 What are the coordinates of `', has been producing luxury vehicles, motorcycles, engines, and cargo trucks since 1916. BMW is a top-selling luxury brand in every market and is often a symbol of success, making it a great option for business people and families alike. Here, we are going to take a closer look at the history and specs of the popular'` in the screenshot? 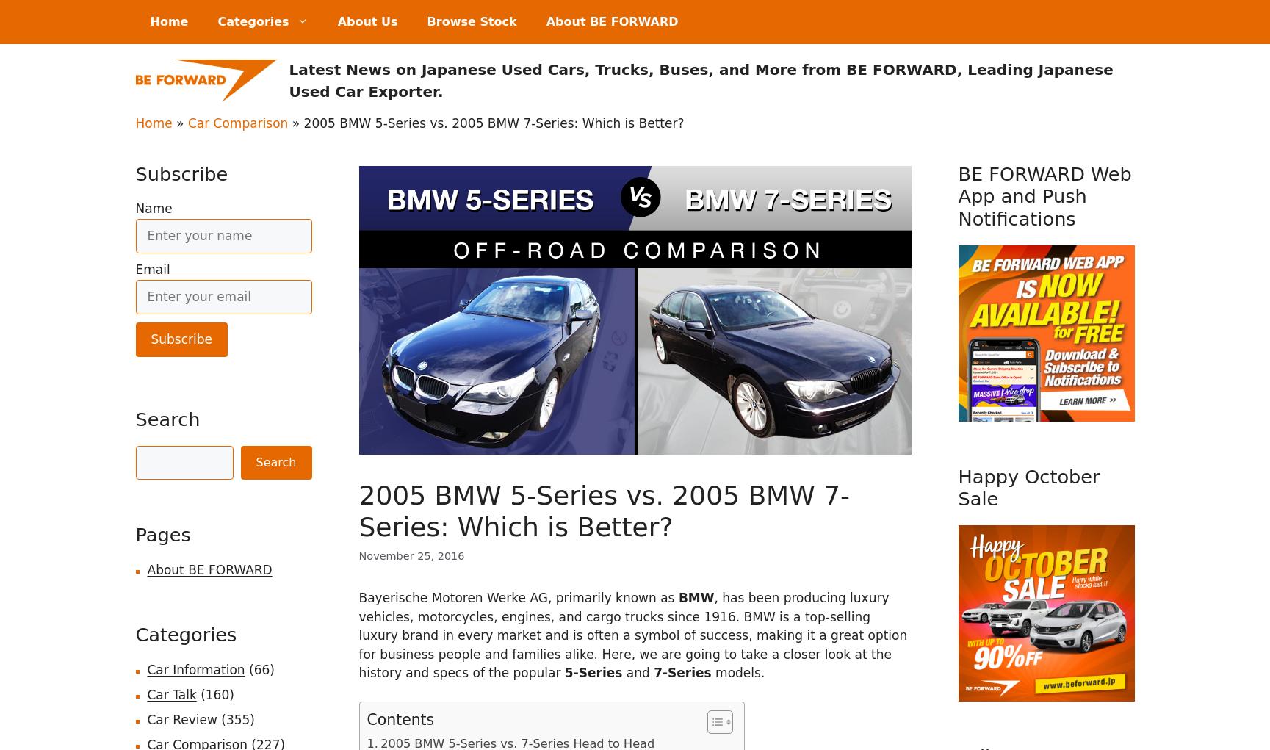 It's located at (632, 634).